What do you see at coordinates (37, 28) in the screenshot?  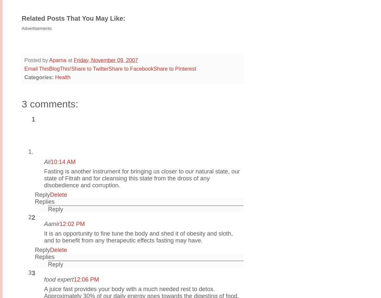 I see `'Advertisements'` at bounding box center [37, 28].